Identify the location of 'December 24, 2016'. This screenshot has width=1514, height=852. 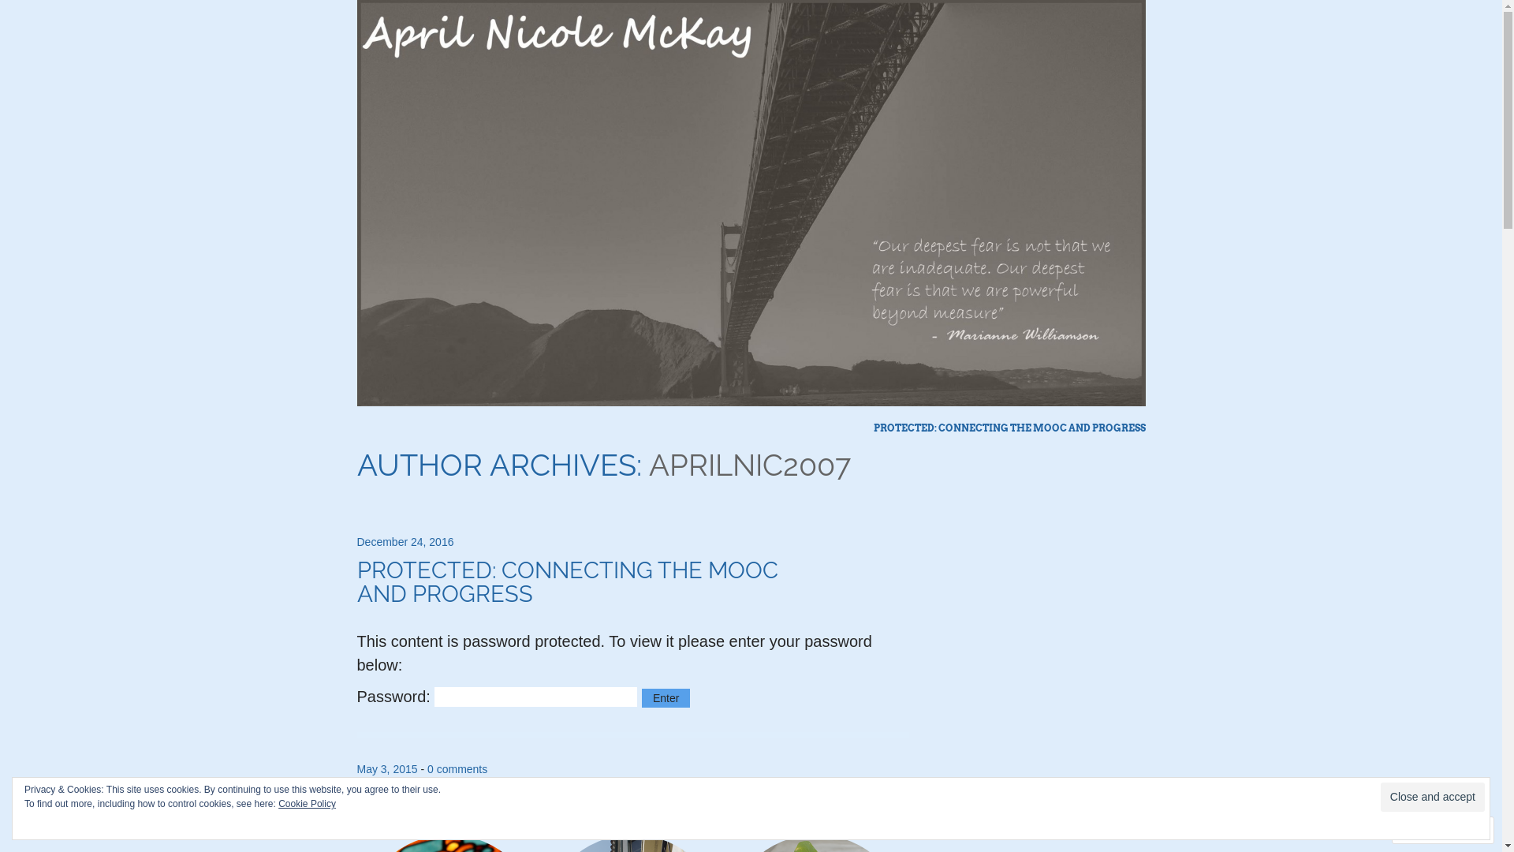
(405, 540).